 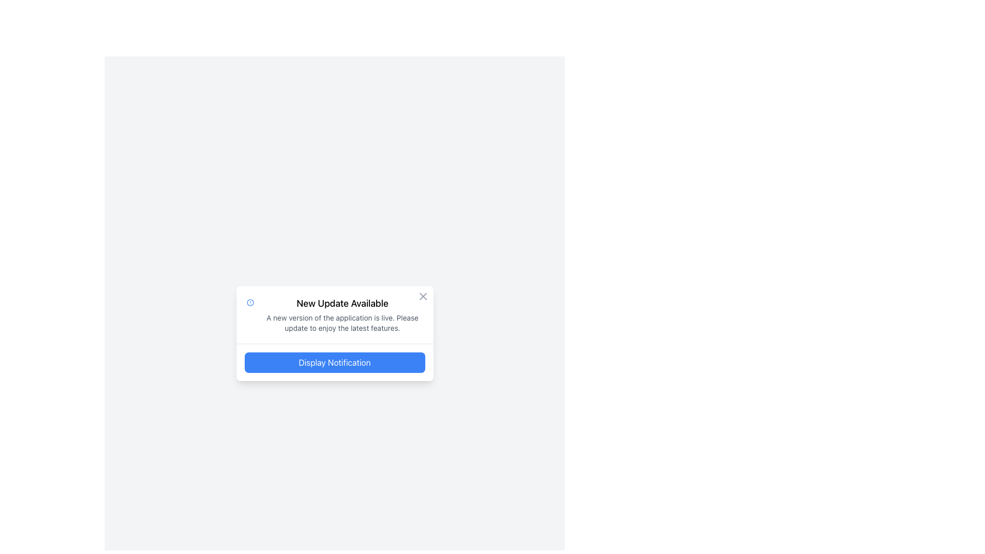 I want to click on the button located at the bottom of the 'New Update Available' modal dialog to observe any hover-specific styling or effects, so click(x=334, y=362).